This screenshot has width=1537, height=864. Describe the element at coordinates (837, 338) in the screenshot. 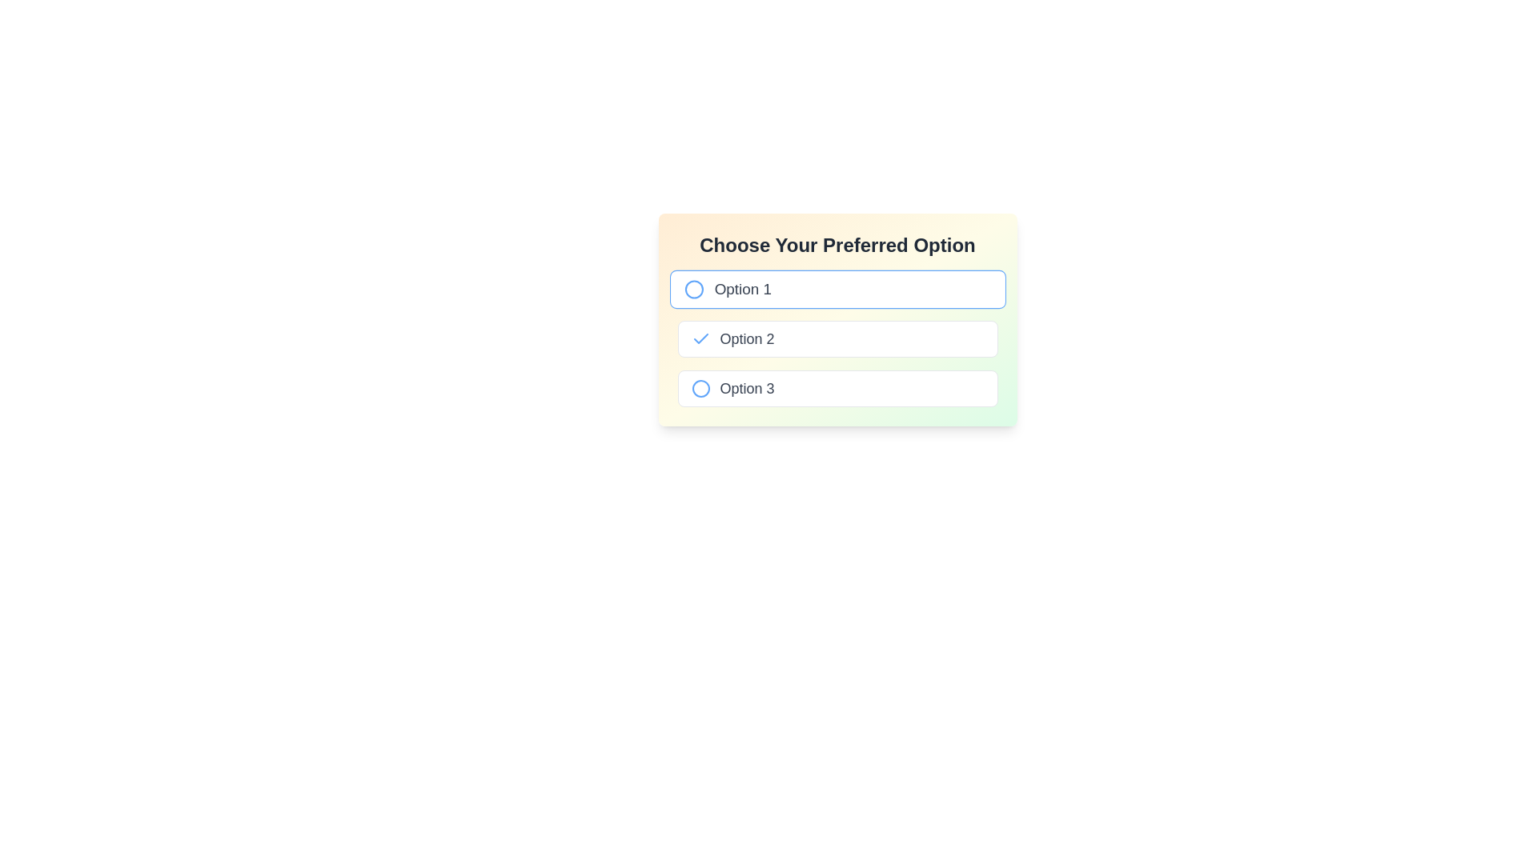

I see `to select the second radio button option (Option 2) in the vertically stacked group of options, which will deselect others in the group` at that location.